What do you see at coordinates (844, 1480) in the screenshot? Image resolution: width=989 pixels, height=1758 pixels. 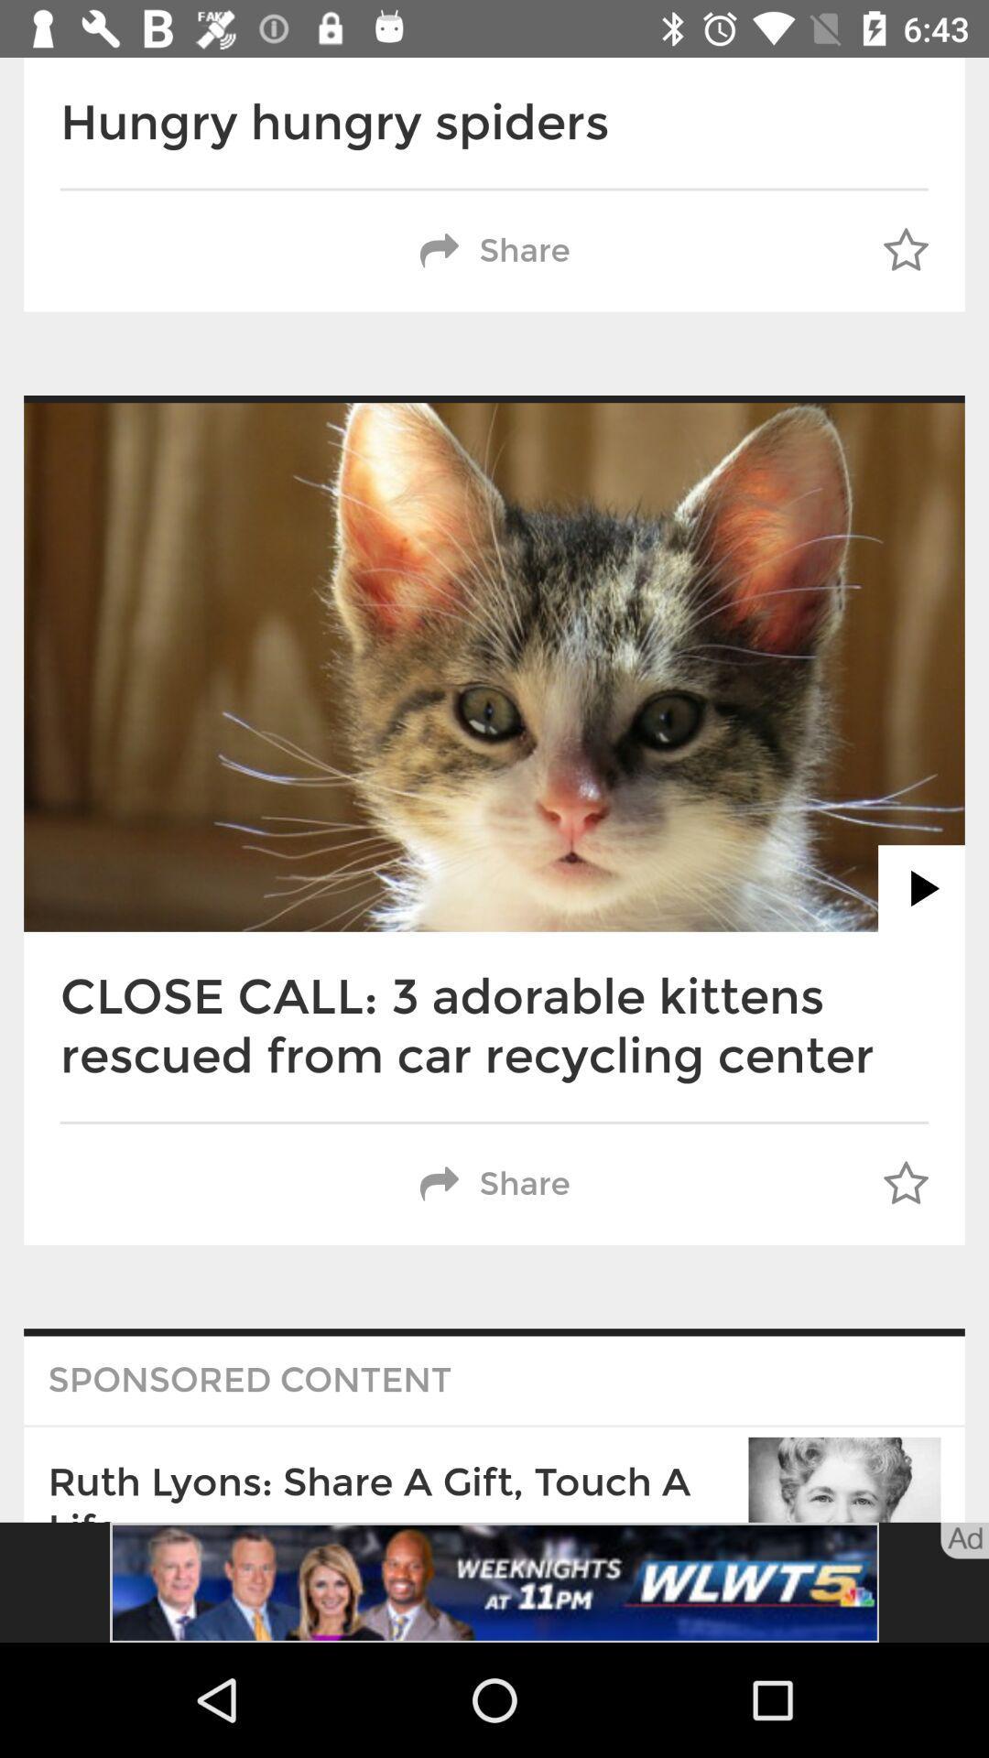 I see `the bottom right corner of the image` at bounding box center [844, 1480].